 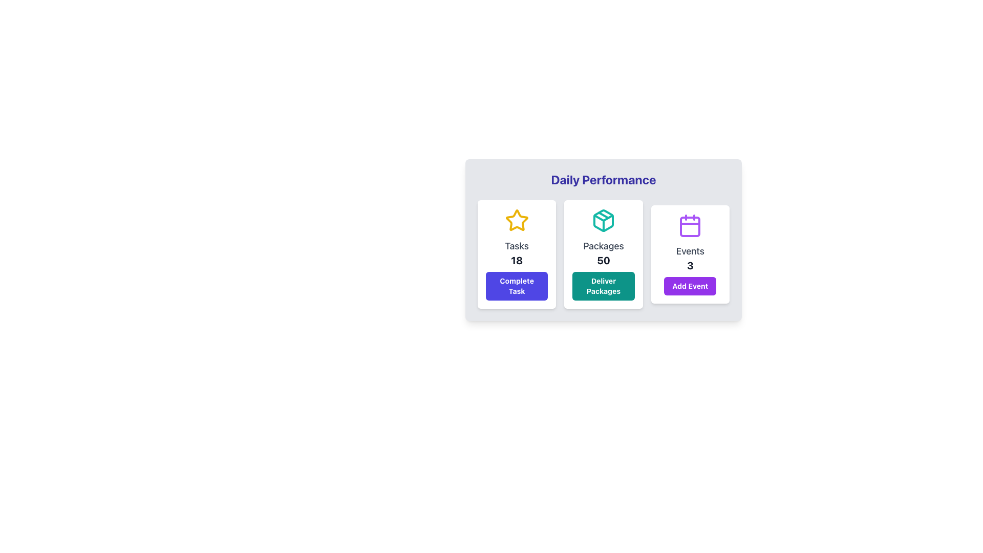 What do you see at coordinates (604, 220) in the screenshot?
I see `the teal package box icon in the 'Deliver Packages' panel of the 'Daily Performance' section, which is located above the number '50' and the text 'Deliver Packages.'` at bounding box center [604, 220].